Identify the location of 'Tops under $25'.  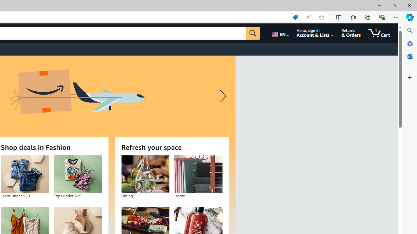
(78, 174).